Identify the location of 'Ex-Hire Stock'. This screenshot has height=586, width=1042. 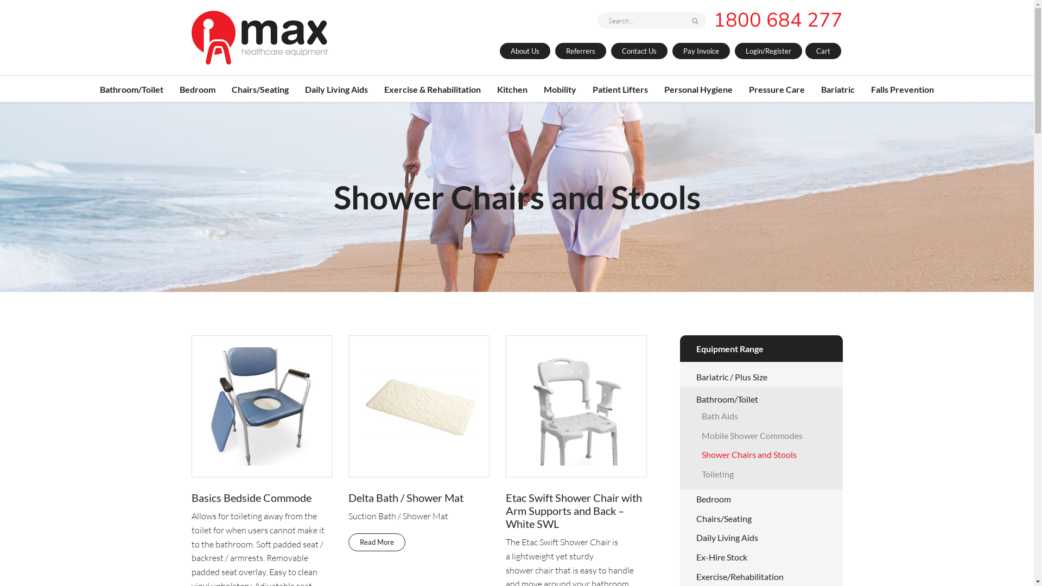
(721, 557).